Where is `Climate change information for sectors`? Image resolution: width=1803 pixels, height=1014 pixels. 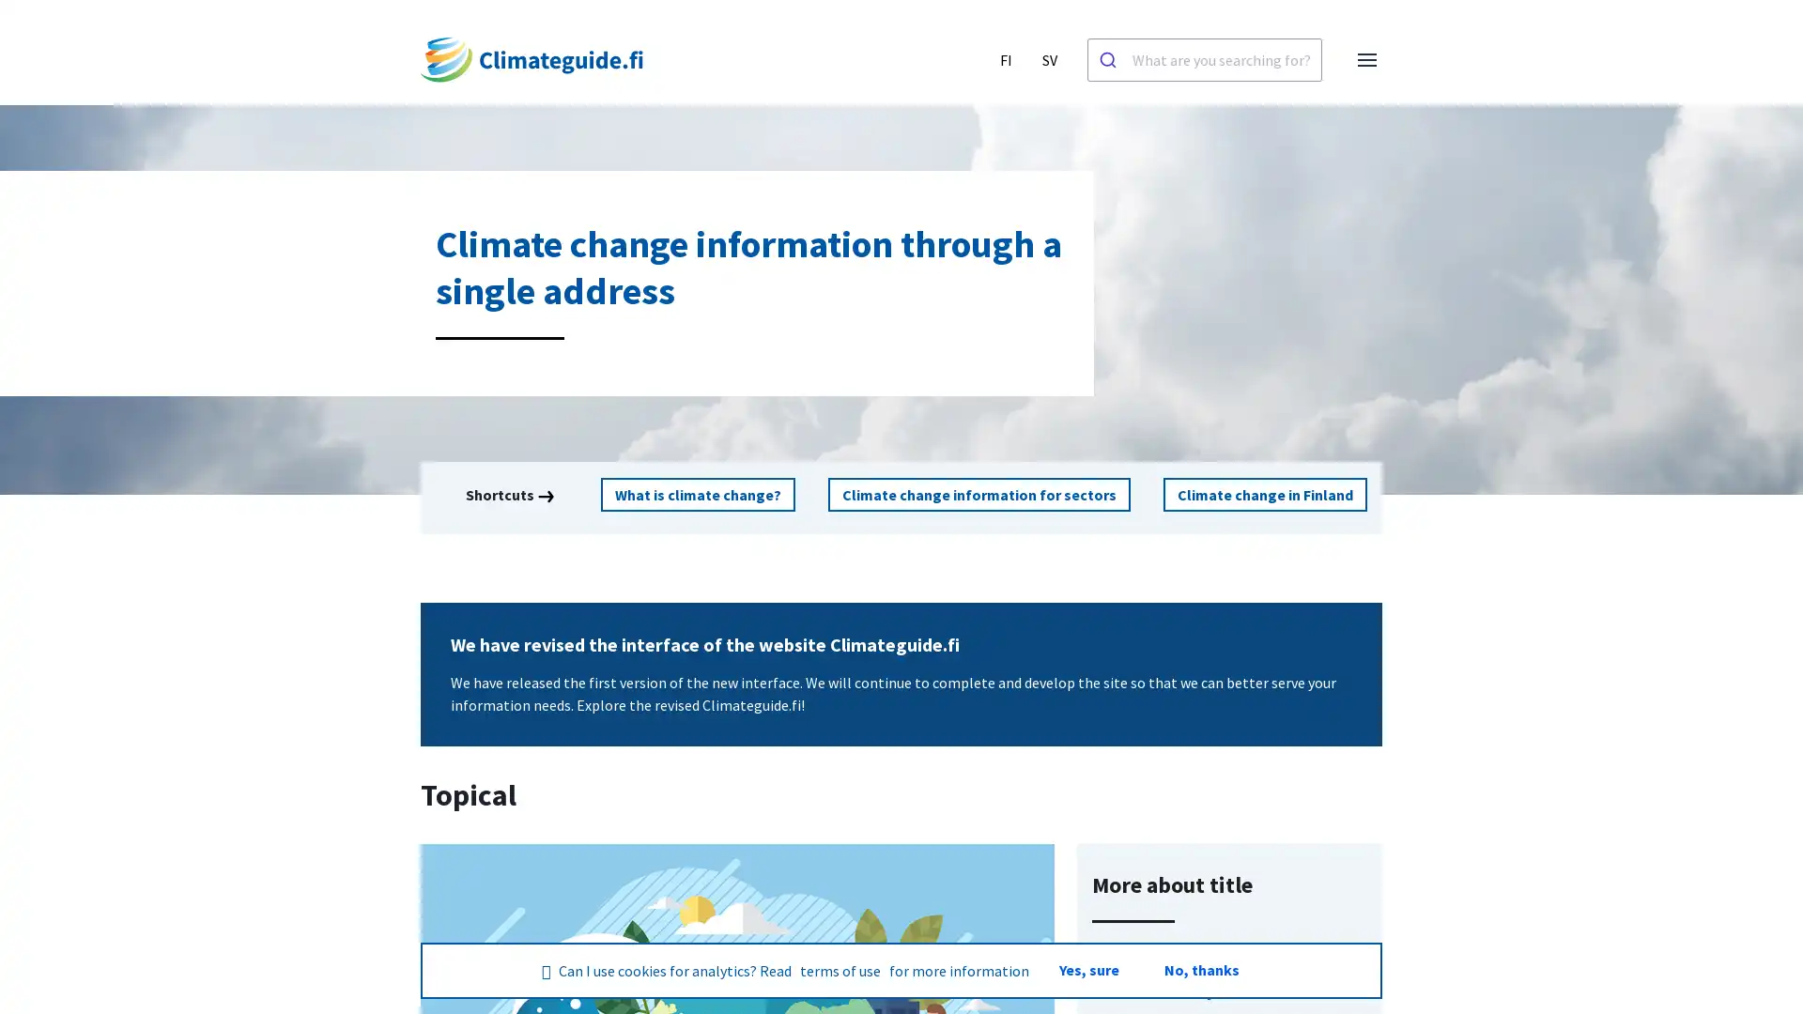 Climate change information for sectors is located at coordinates (978, 494).